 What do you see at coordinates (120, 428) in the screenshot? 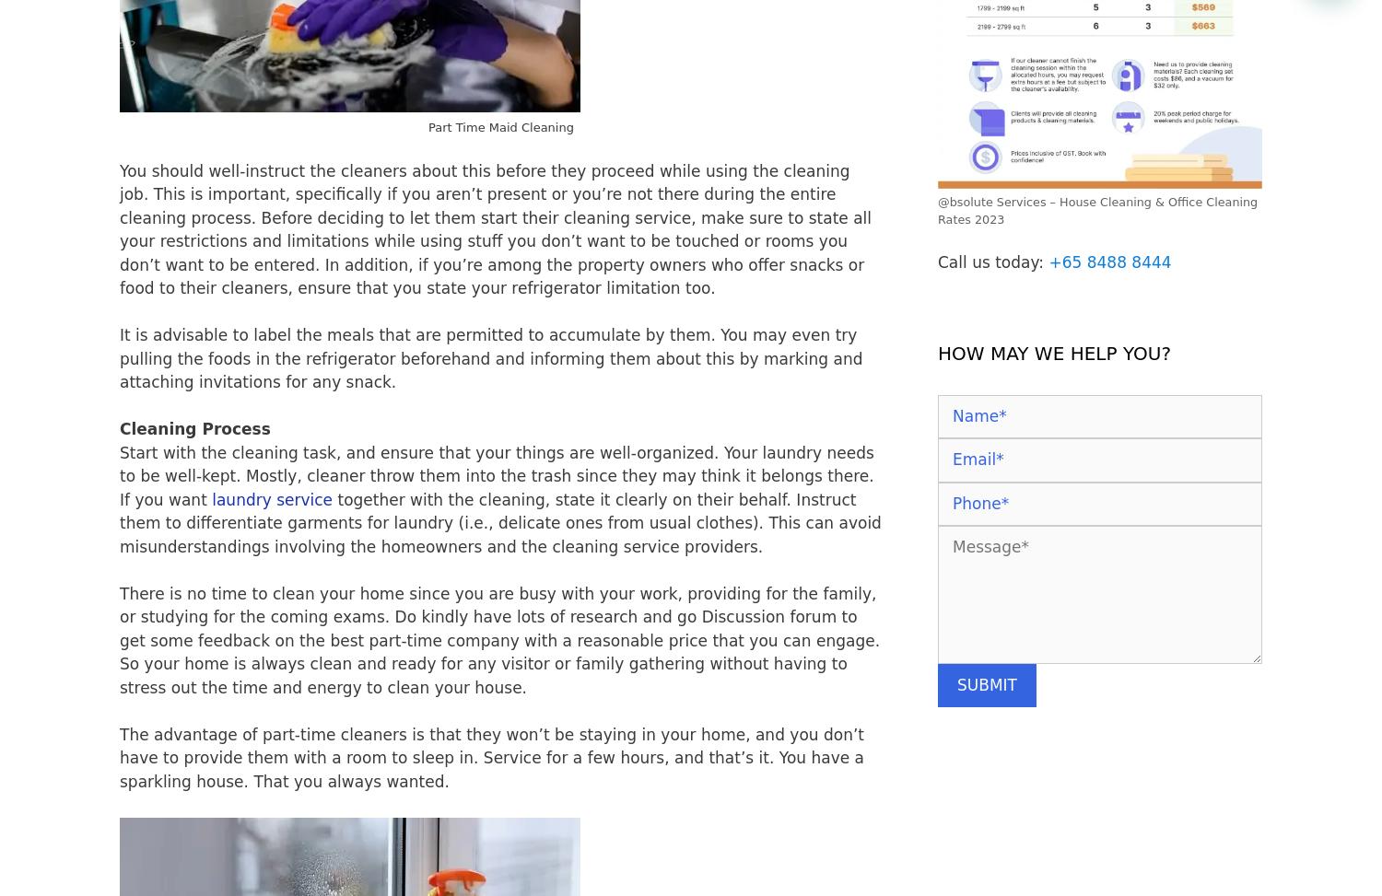
I see `'Cleaning Process'` at bounding box center [120, 428].